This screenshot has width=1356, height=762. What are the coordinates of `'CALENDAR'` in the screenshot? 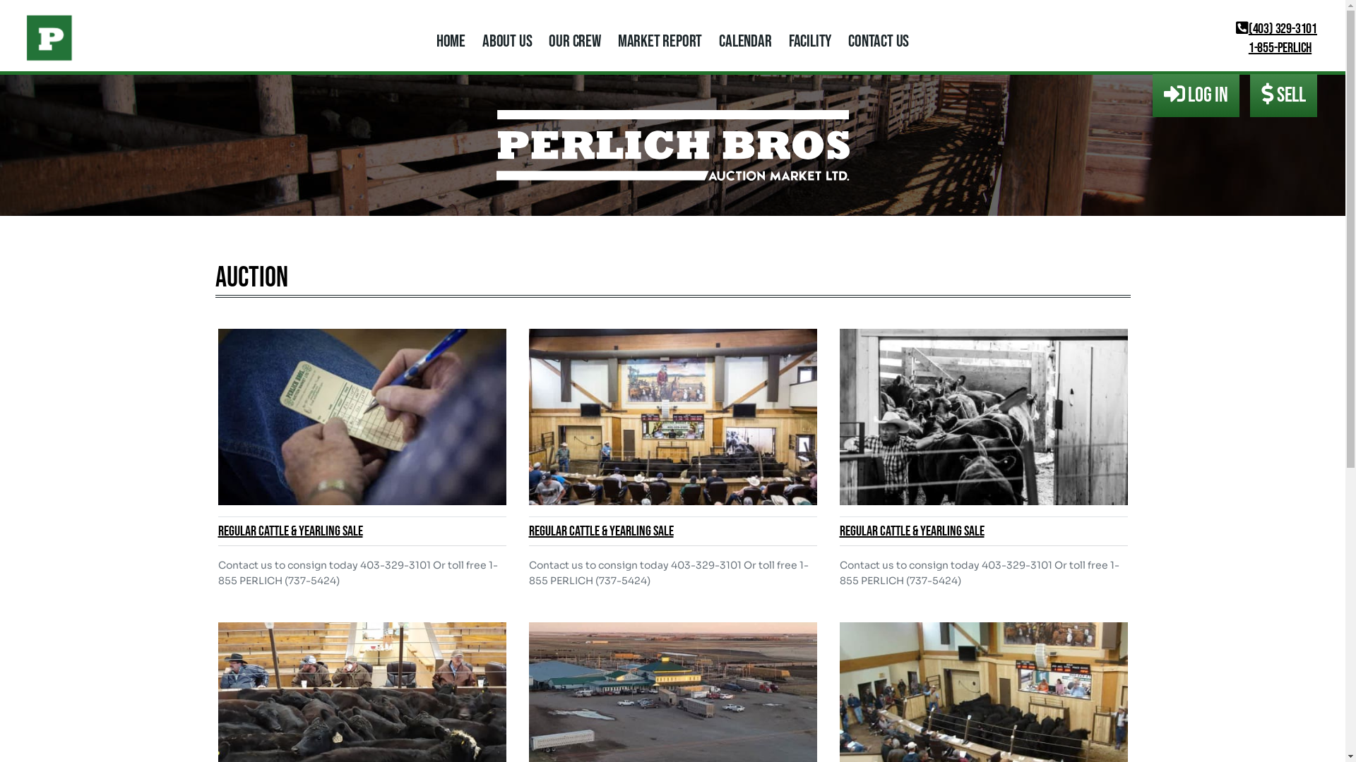 It's located at (744, 40).